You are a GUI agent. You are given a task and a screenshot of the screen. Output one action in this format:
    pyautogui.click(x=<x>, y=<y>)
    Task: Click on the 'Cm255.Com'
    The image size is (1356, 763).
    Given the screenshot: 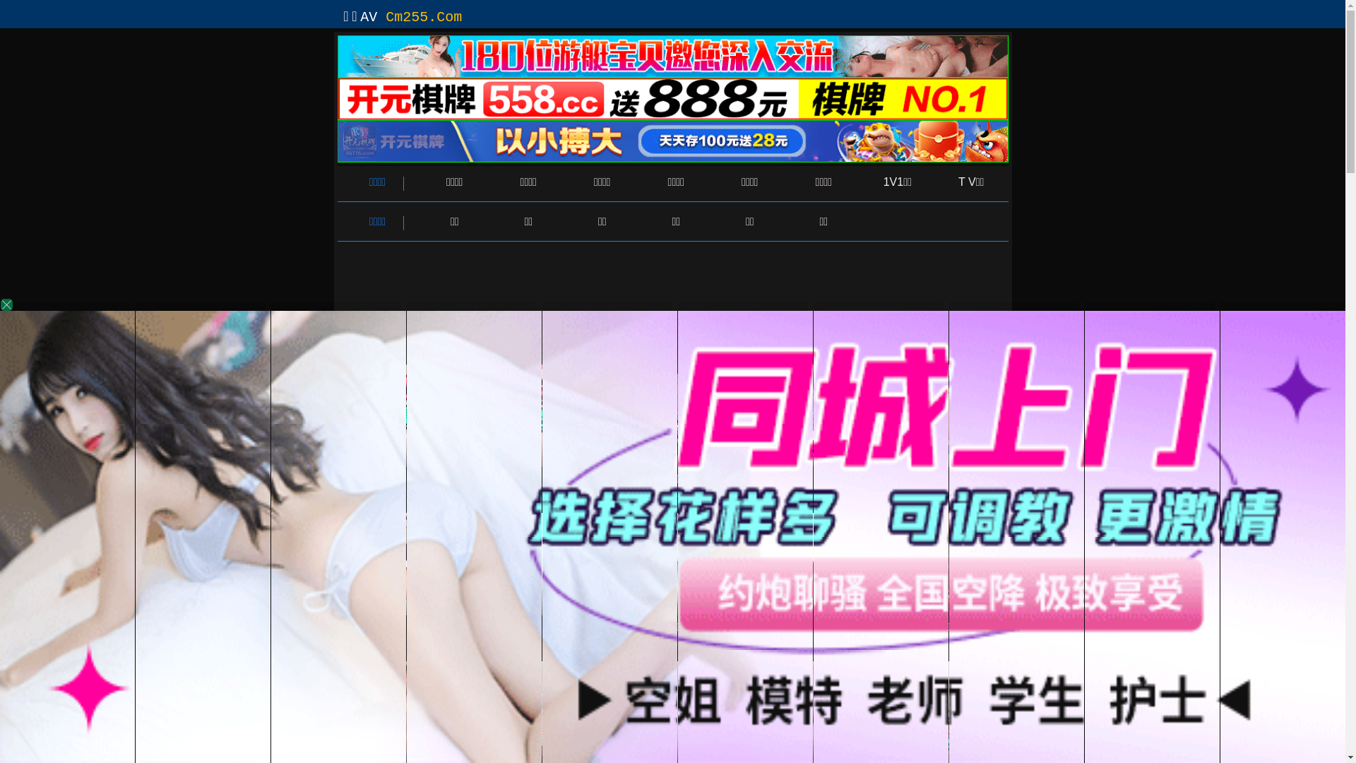 What is the action you would take?
    pyautogui.click(x=423, y=17)
    